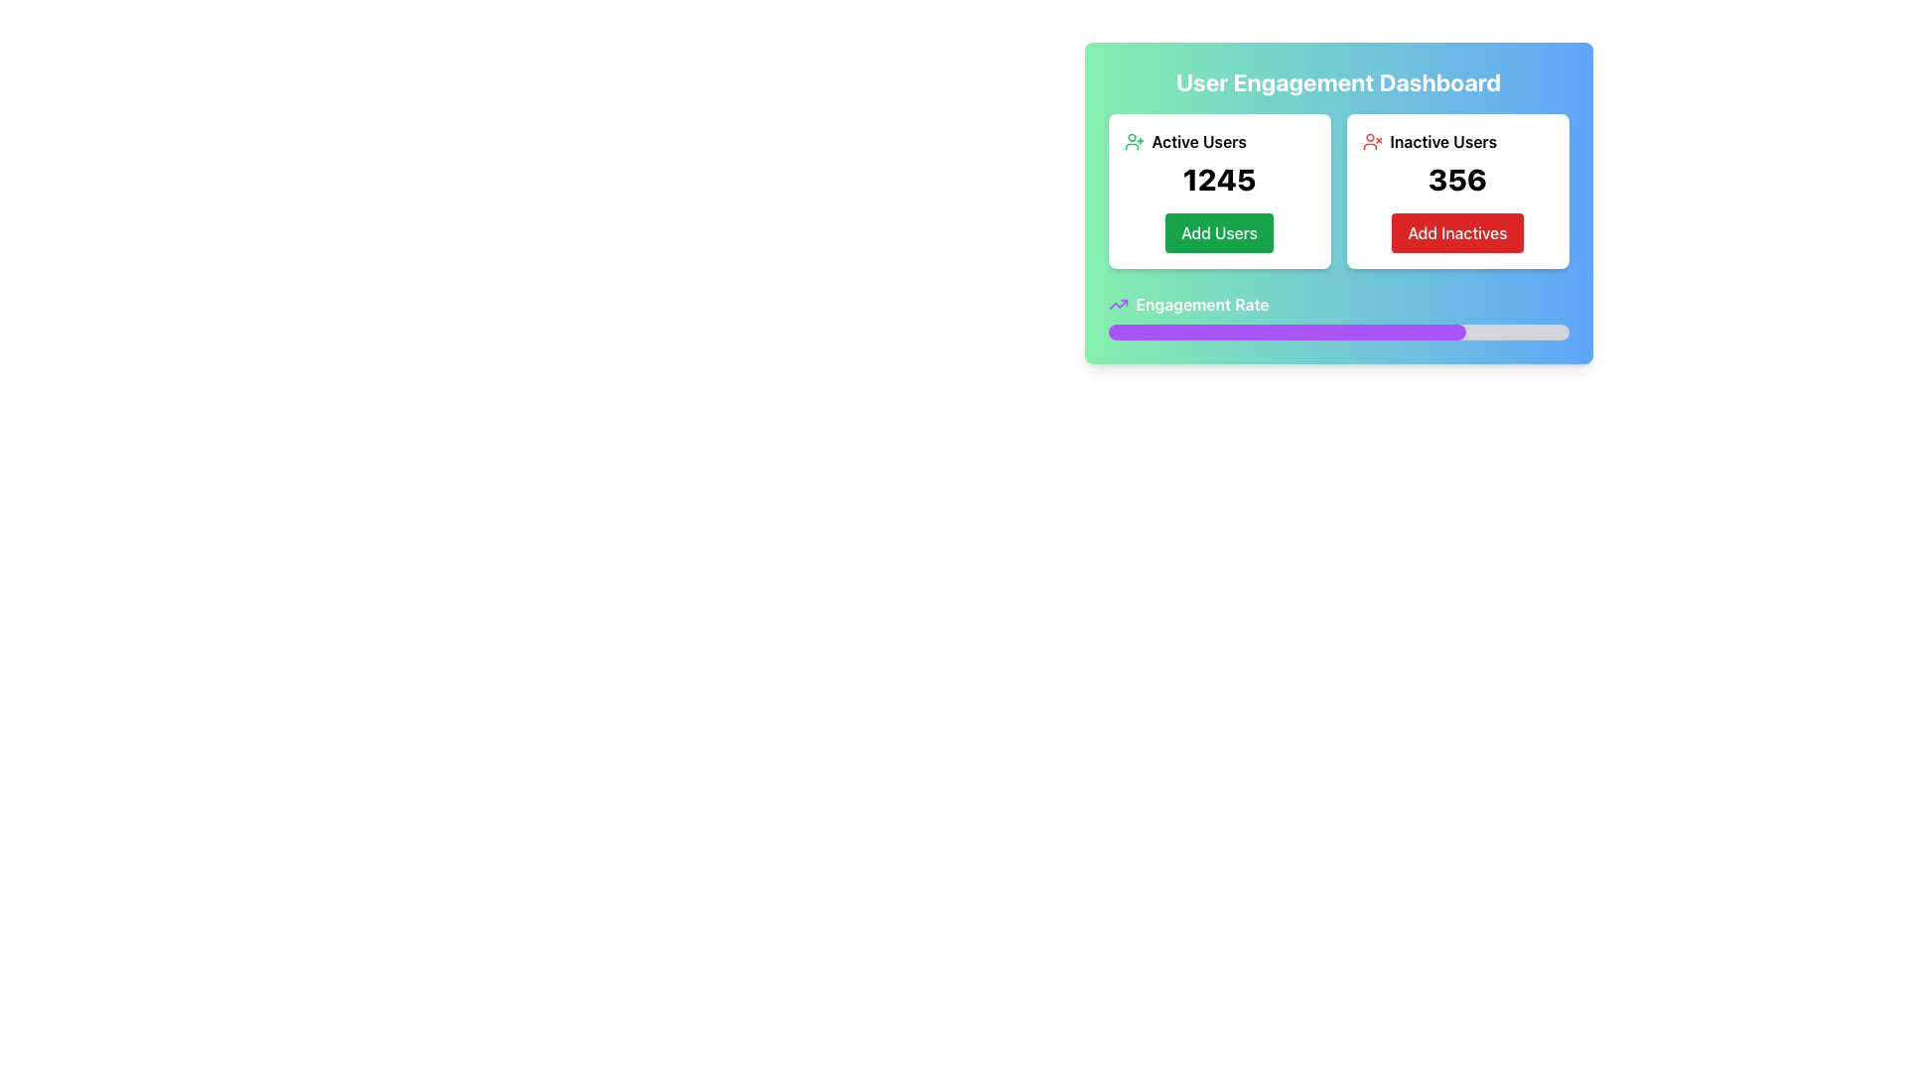 This screenshot has width=1906, height=1072. What do you see at coordinates (1457, 180) in the screenshot?
I see `the bold numerical text '356' displayed in large black font, part of the 'Inactive Users' summary card located in the center of the right card within a two-card layout` at bounding box center [1457, 180].